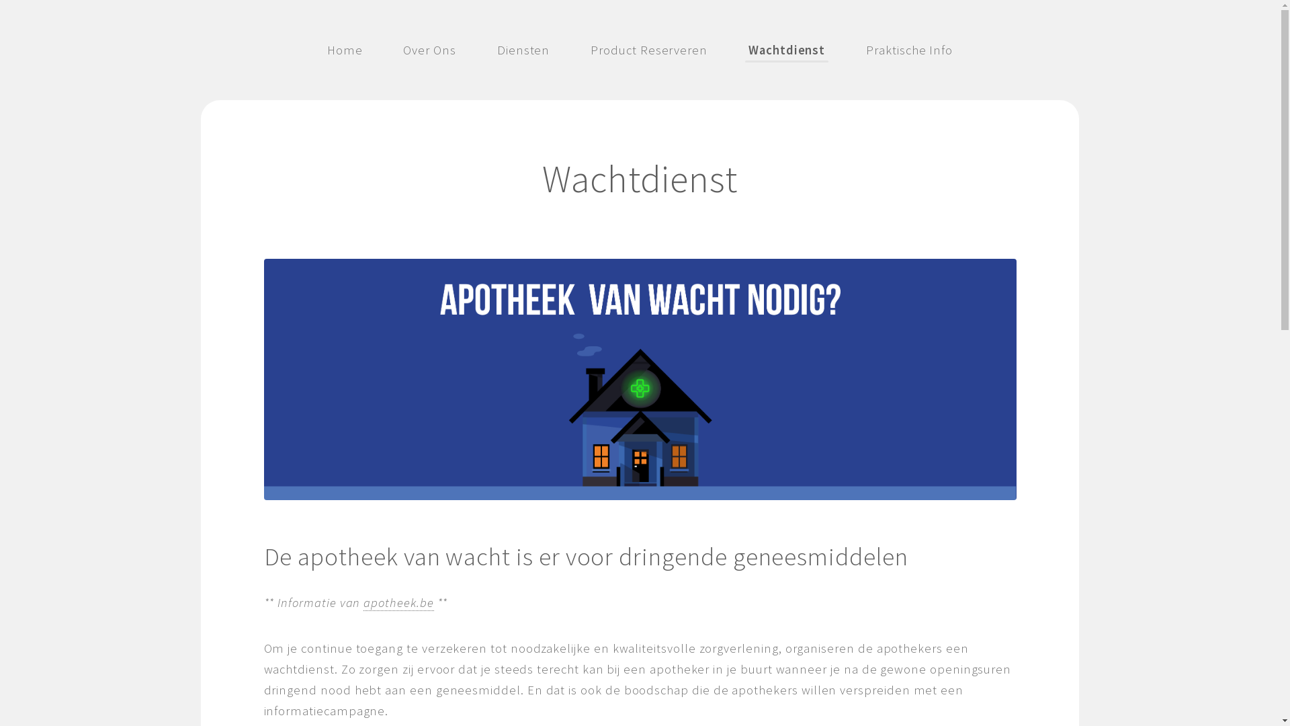  Describe the element at coordinates (345, 48) in the screenshot. I see `'Home'` at that location.